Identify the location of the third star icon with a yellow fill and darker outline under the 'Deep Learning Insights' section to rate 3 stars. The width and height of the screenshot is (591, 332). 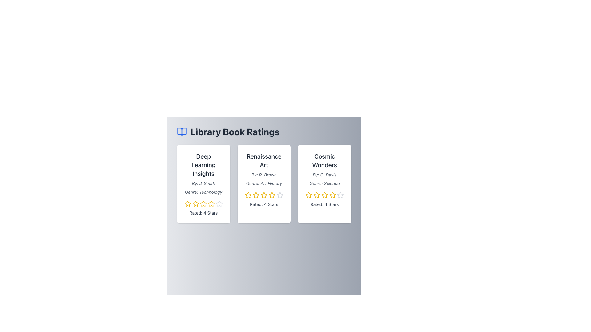
(203, 204).